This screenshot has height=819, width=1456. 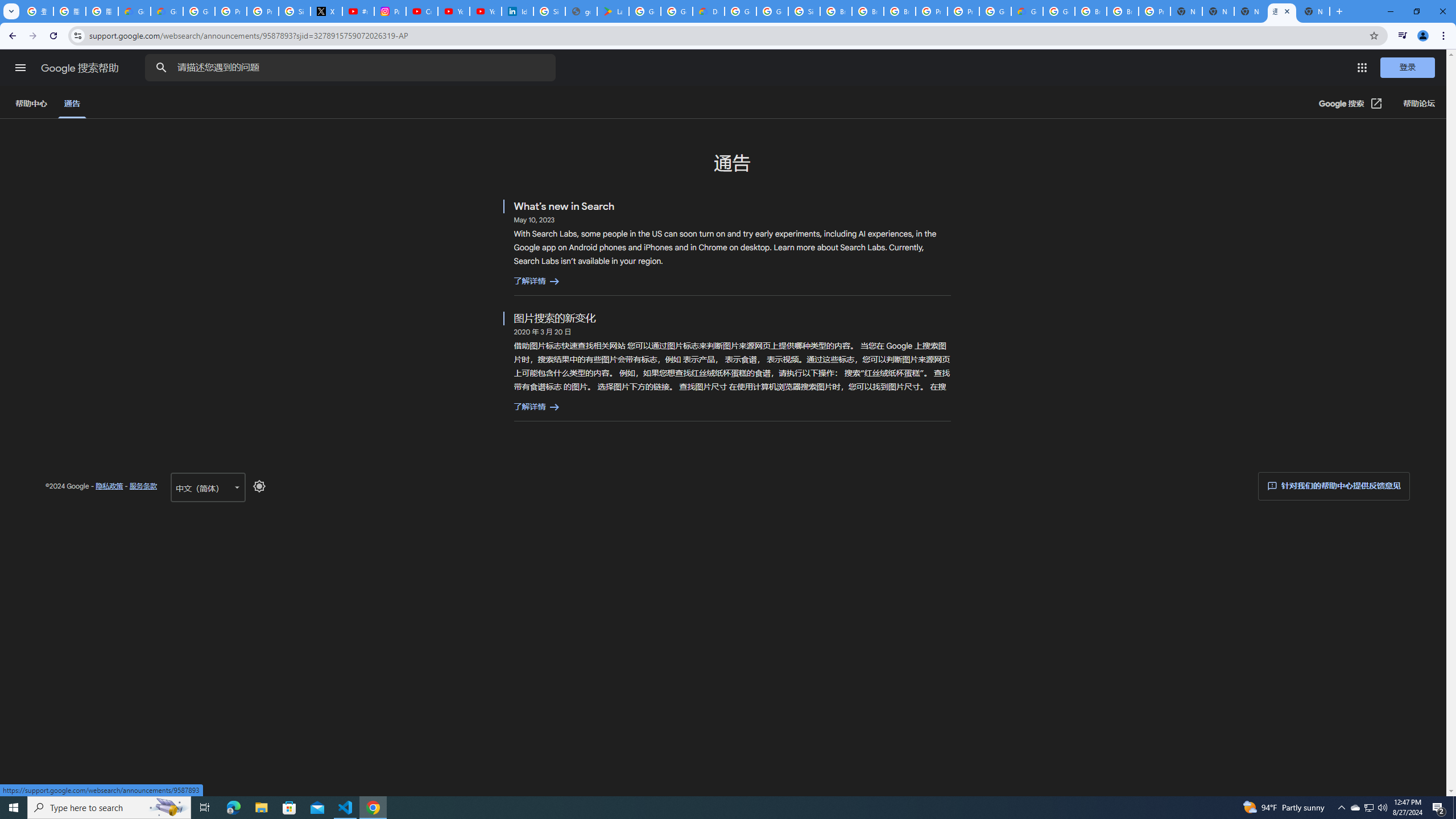 What do you see at coordinates (868, 11) in the screenshot?
I see `'Browse Chrome as a guest - Computer - Google Chrome Help'` at bounding box center [868, 11].